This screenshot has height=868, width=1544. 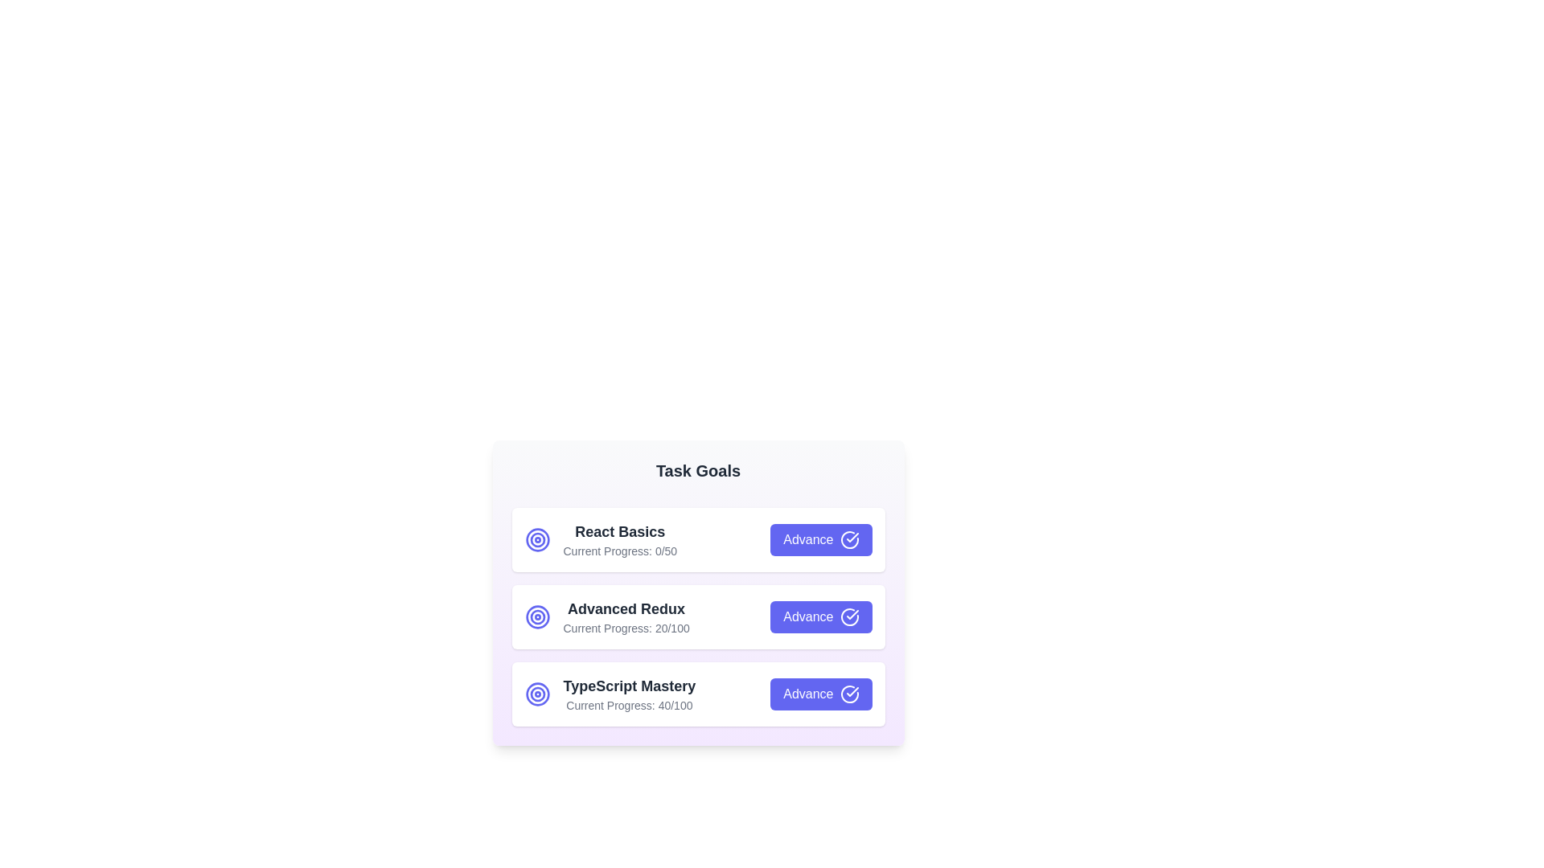 What do you see at coordinates (619, 532) in the screenshot?
I see `the Text Label that displays the title of a task or goal, located at the top of the first task card within the 'Task Goals' section` at bounding box center [619, 532].